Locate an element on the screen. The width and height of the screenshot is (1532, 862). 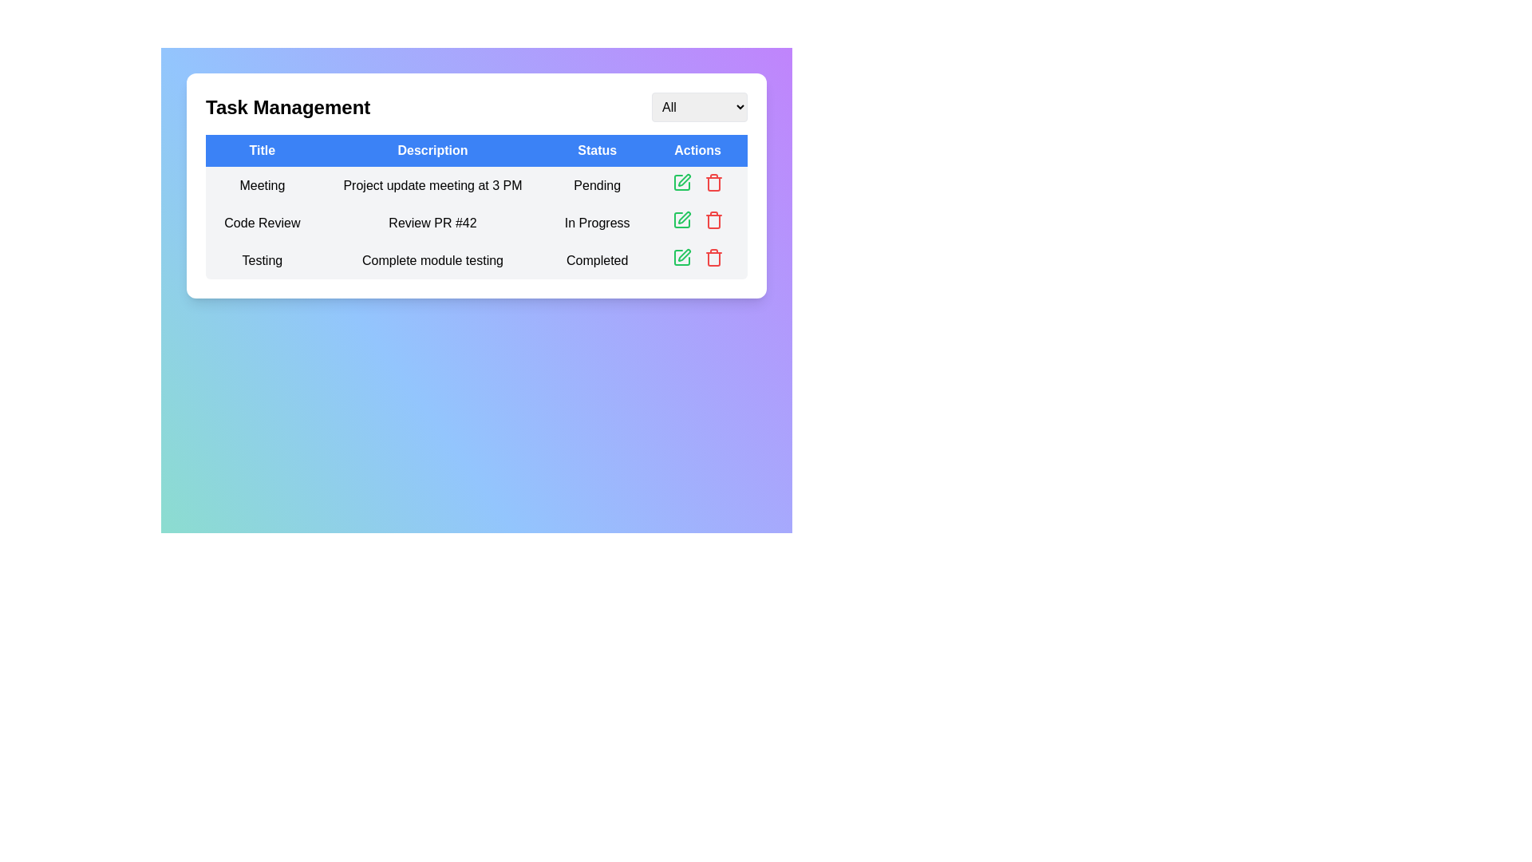
the 'Description' column header in the table, which is the second header from the left, positioned between the 'Title' and 'Status' headers is located at coordinates (432, 151).